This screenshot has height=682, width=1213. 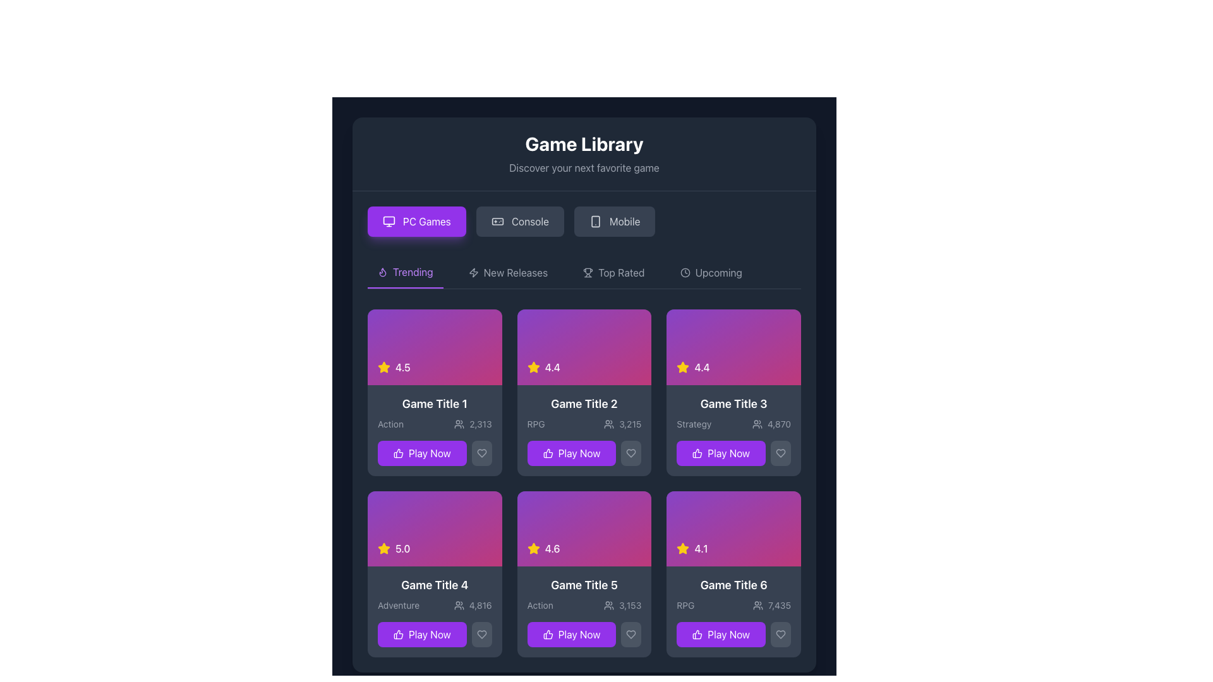 What do you see at coordinates (584, 153) in the screenshot?
I see `the Header section containing the text 'Game Library' and the subtitle 'Discover your next favorite game', which is styled with a large, bold, white font on a dark blue background` at bounding box center [584, 153].